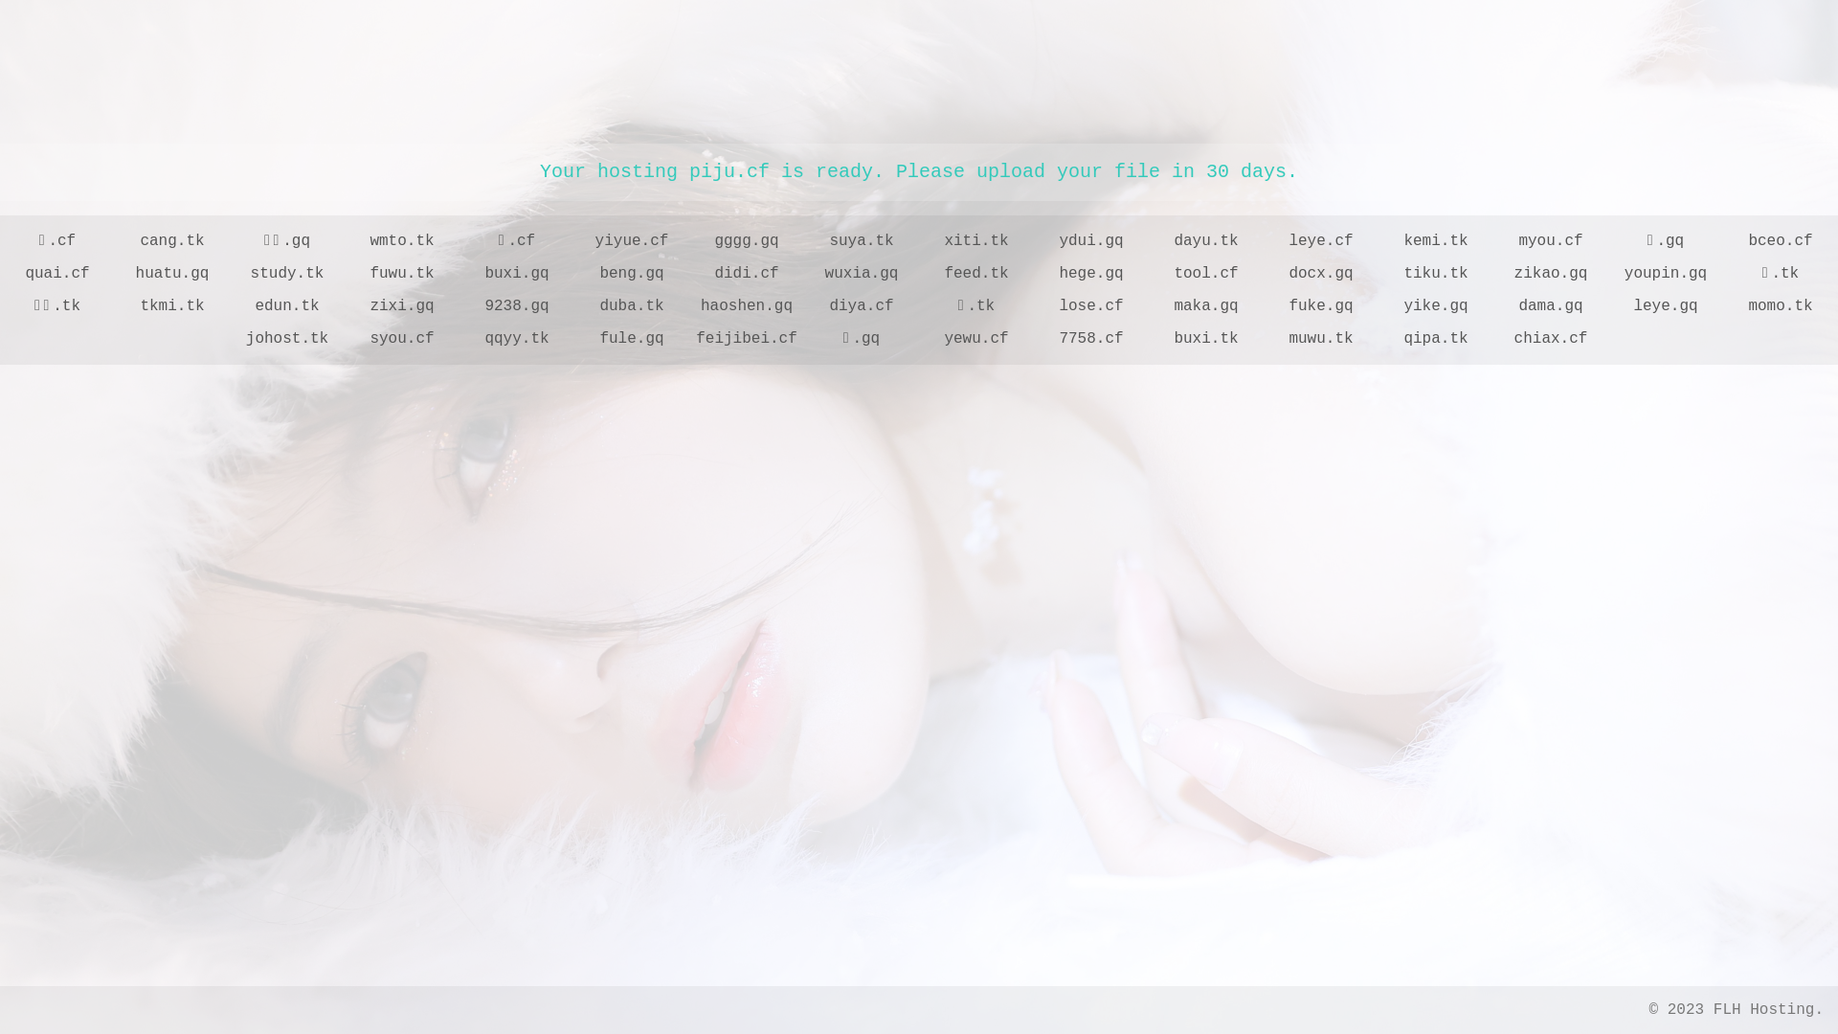 This screenshot has width=1838, height=1034. What do you see at coordinates (573, 273) in the screenshot?
I see `'beng.gq'` at bounding box center [573, 273].